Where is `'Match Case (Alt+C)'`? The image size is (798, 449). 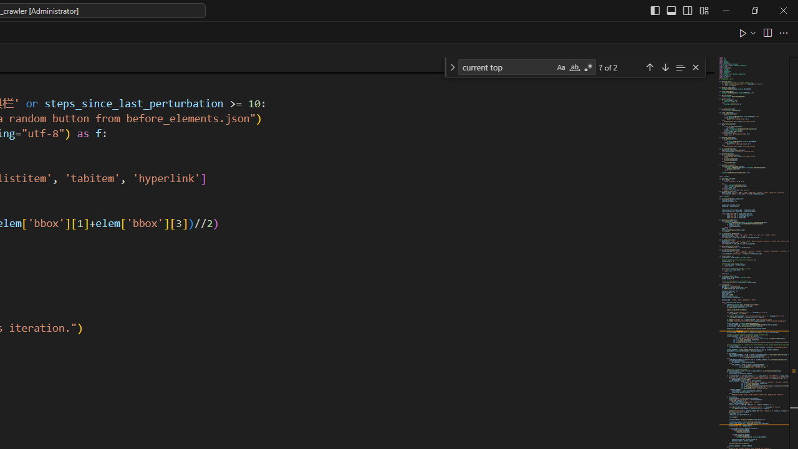 'Match Case (Alt+C)' is located at coordinates (560, 67).